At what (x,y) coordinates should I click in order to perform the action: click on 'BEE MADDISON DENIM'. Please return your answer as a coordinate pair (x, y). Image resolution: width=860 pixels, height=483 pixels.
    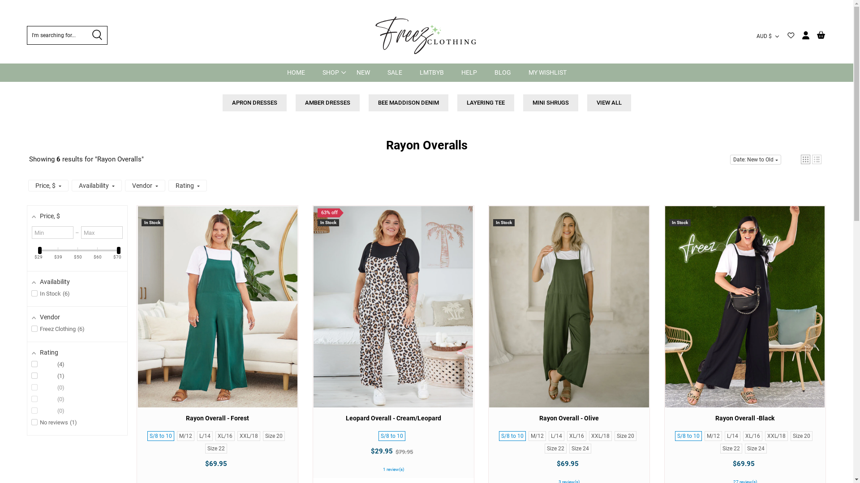
    Looking at the image, I should click on (408, 102).